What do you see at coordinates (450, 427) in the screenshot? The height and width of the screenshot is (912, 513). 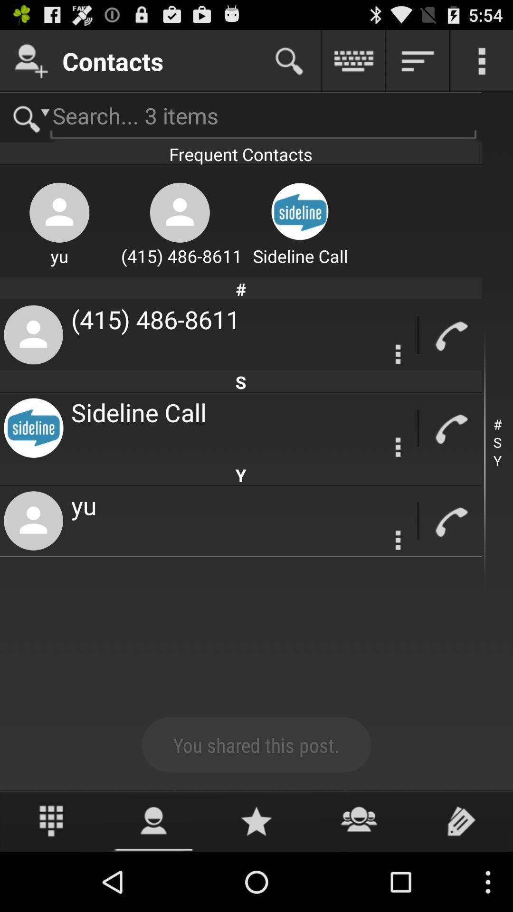 I see `call option` at bounding box center [450, 427].